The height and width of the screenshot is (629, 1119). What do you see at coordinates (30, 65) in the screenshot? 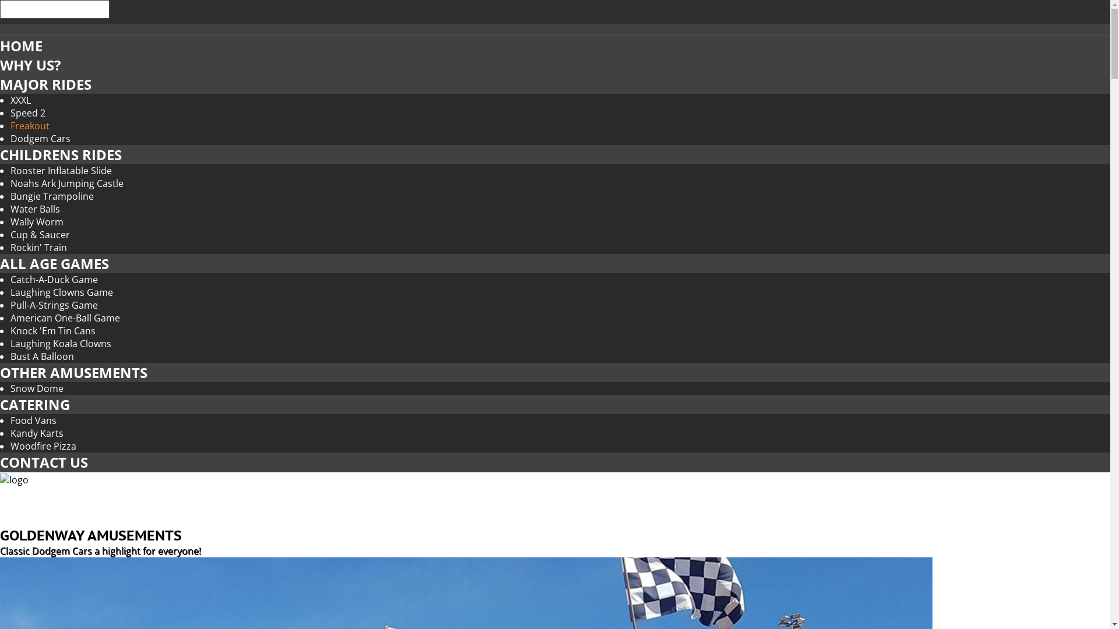
I see `'WHY US?'` at bounding box center [30, 65].